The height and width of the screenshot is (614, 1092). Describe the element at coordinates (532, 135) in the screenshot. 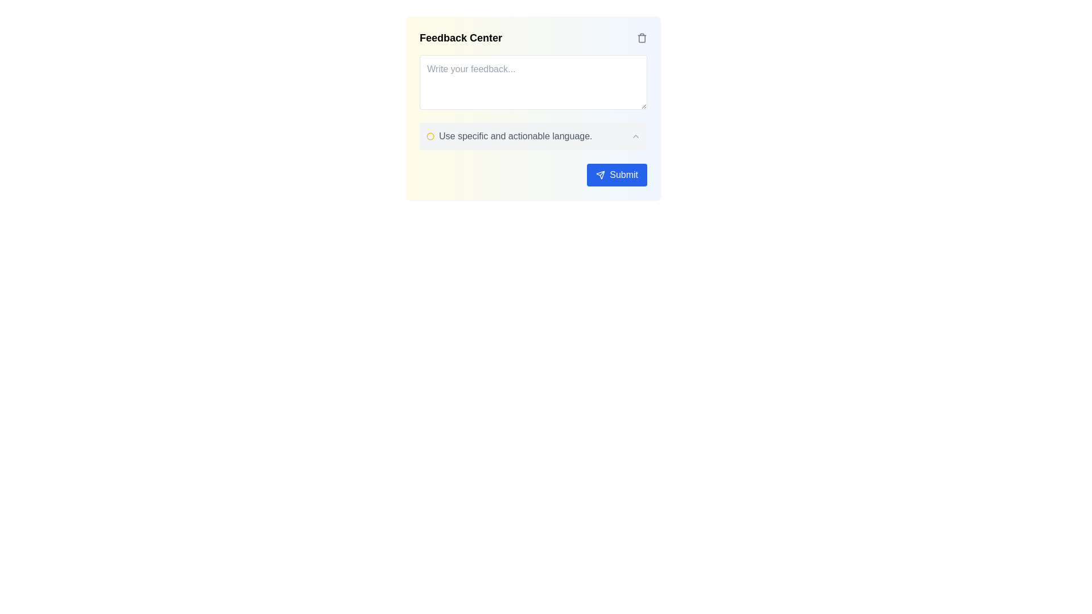

I see `informational text that states 'Use specific and actionable language.' which is styled with a light gray background and rounded corners, located beneath the feedback input text area and above the 'Submit' button in the 'Feedback Center' section` at that location.